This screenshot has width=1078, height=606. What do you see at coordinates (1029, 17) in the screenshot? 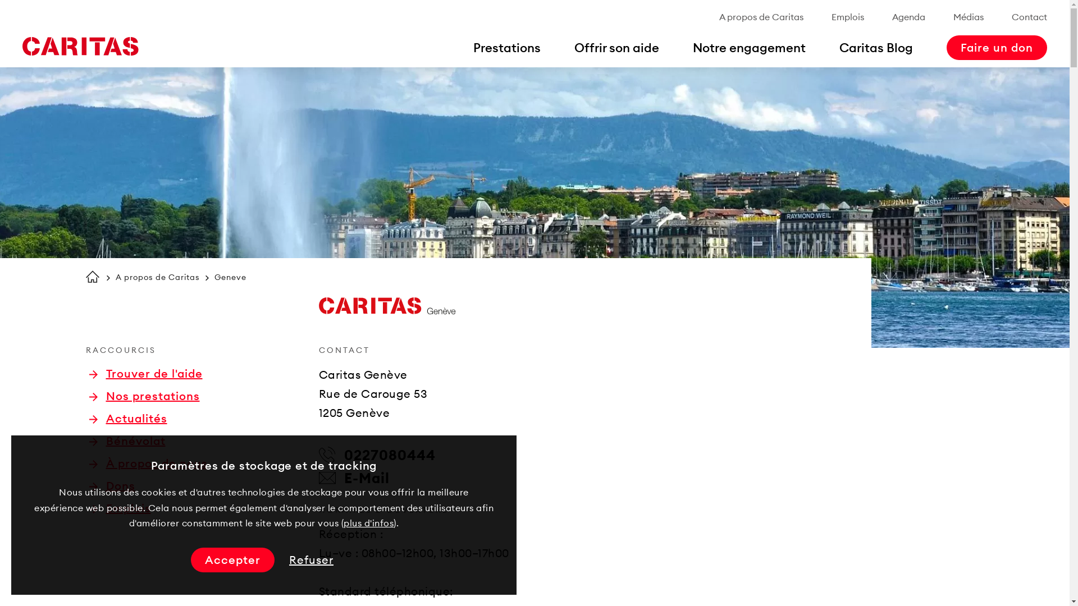
I see `'Contact'` at bounding box center [1029, 17].